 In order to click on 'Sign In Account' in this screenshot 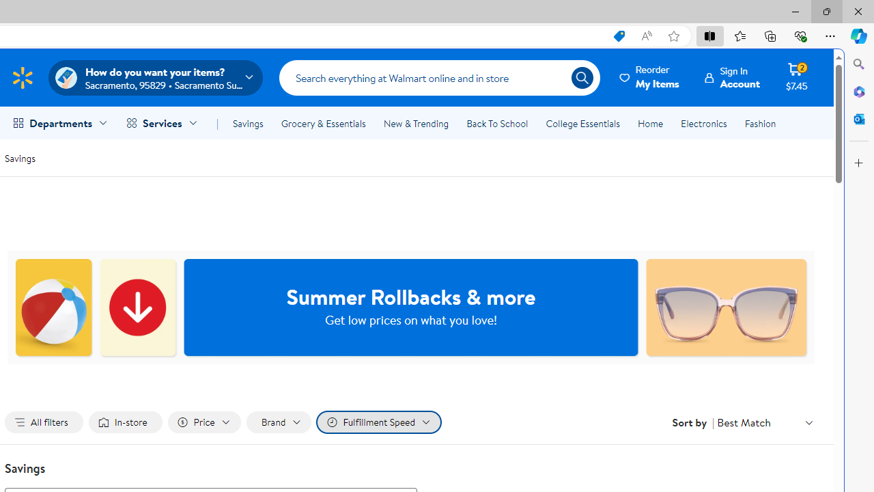, I will do `click(732, 77)`.